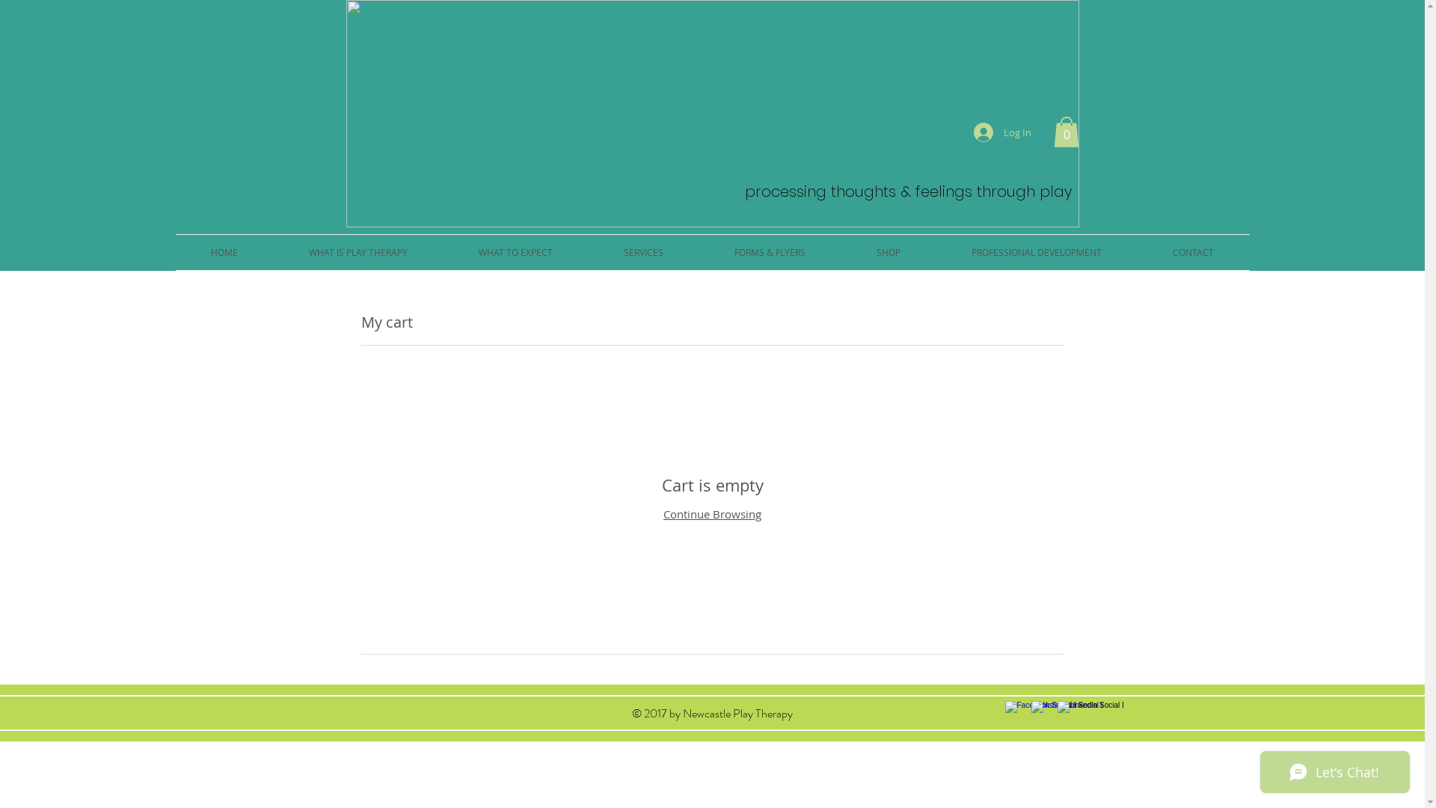  Describe the element at coordinates (1002, 132) in the screenshot. I see `'Log In'` at that location.